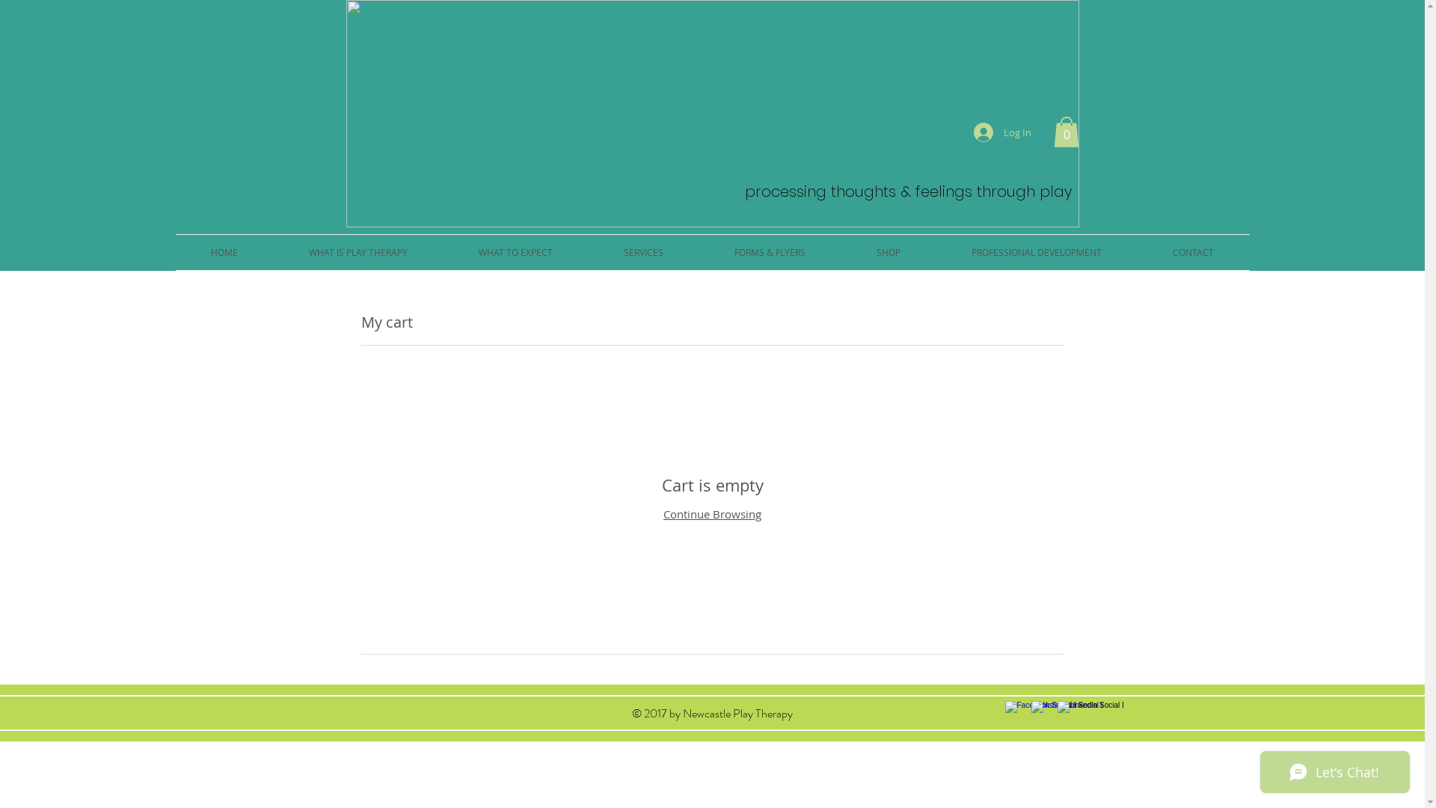  Describe the element at coordinates (1002, 132) in the screenshot. I see `'Log In'` at that location.